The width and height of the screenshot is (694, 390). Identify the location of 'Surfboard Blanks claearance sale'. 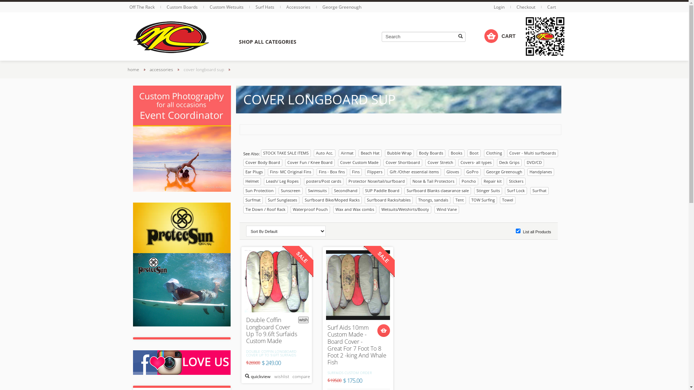
(404, 190).